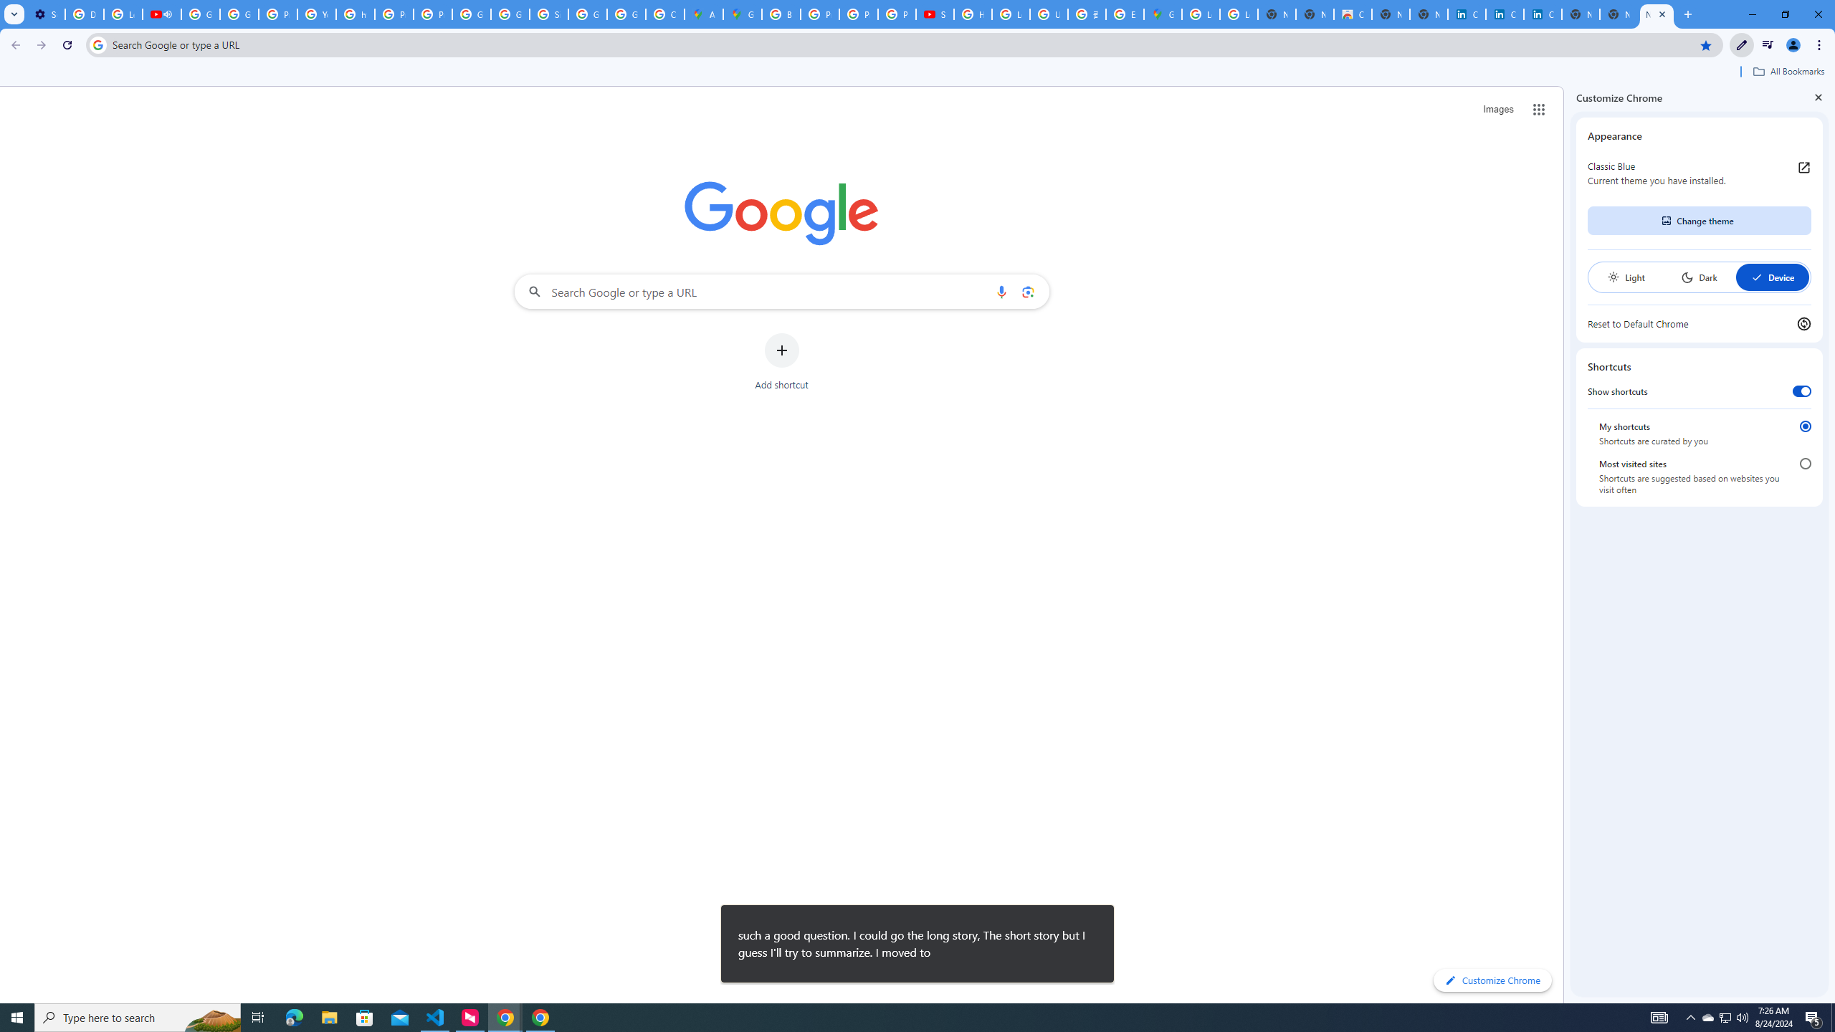 The width and height of the screenshot is (1835, 1032). Describe the element at coordinates (1806, 464) in the screenshot. I see `'Most visited sites'` at that location.